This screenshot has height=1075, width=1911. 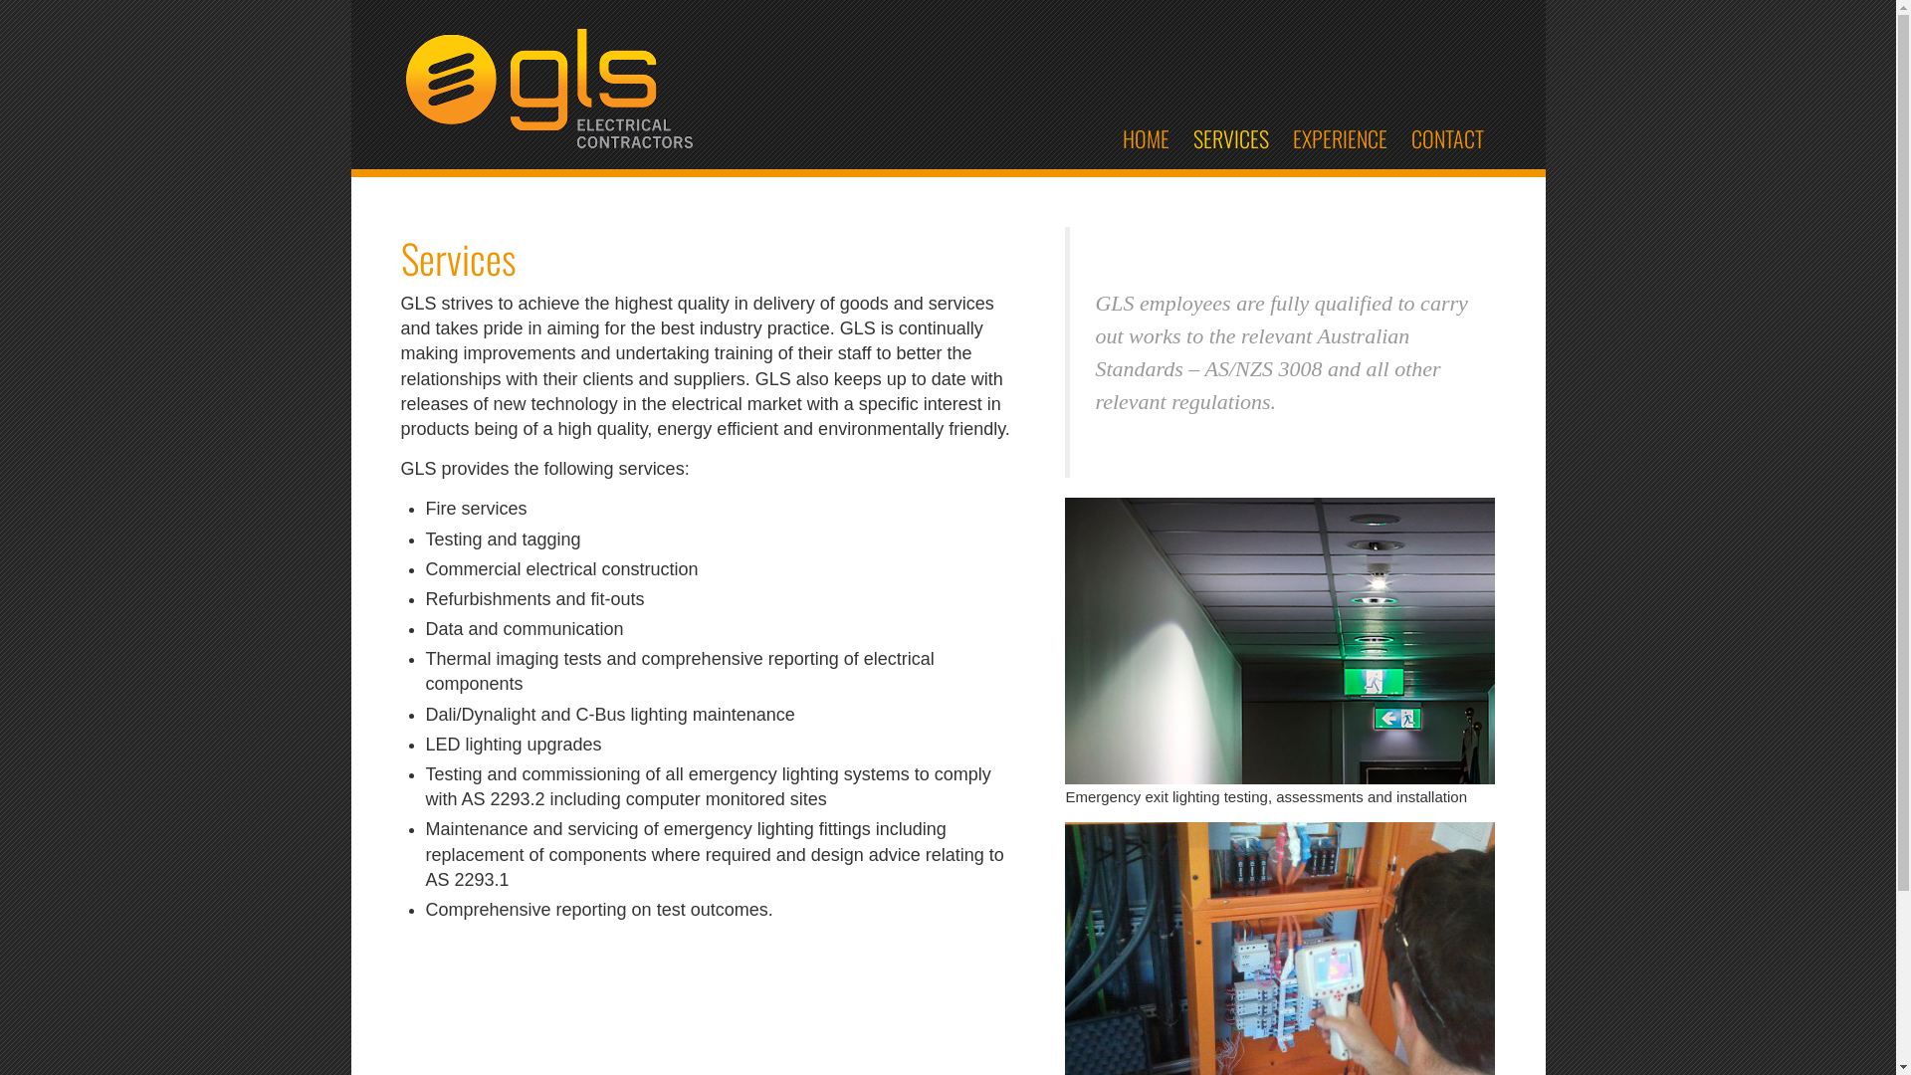 I want to click on 'HOME', so click(x=1110, y=136).